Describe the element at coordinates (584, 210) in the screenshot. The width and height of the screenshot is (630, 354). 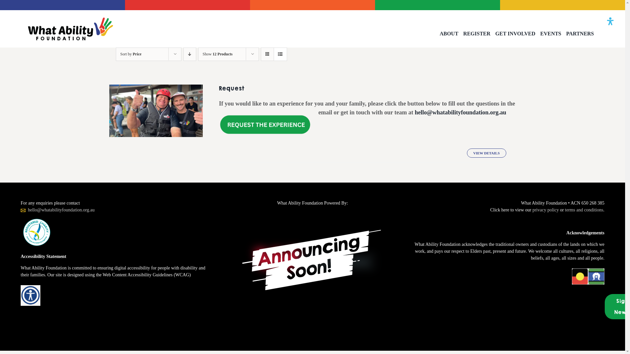
I see `'terms and conditions'` at that location.